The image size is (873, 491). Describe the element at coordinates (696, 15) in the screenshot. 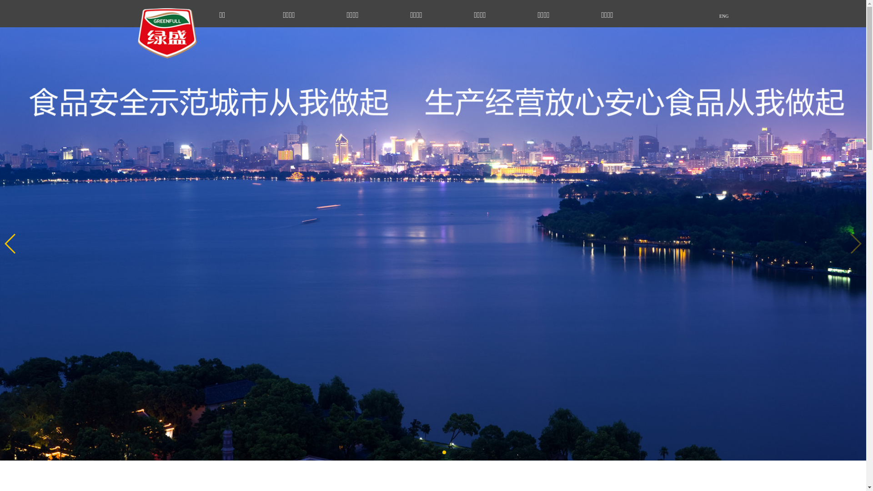

I see `'ENG'` at that location.